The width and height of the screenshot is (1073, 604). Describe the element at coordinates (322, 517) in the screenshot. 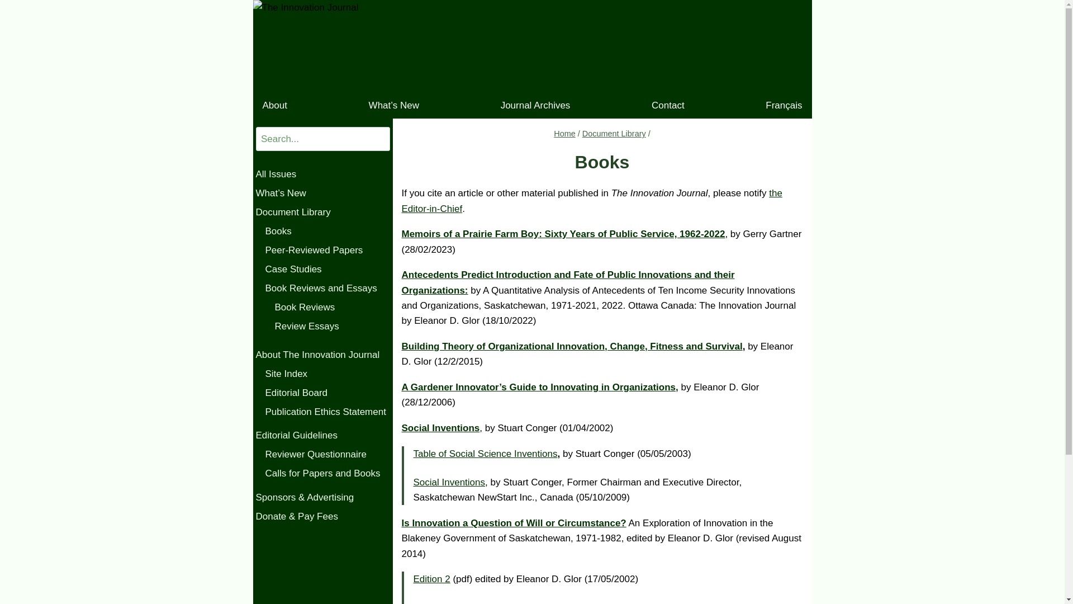

I see `'Donate & Pay Fees'` at that location.